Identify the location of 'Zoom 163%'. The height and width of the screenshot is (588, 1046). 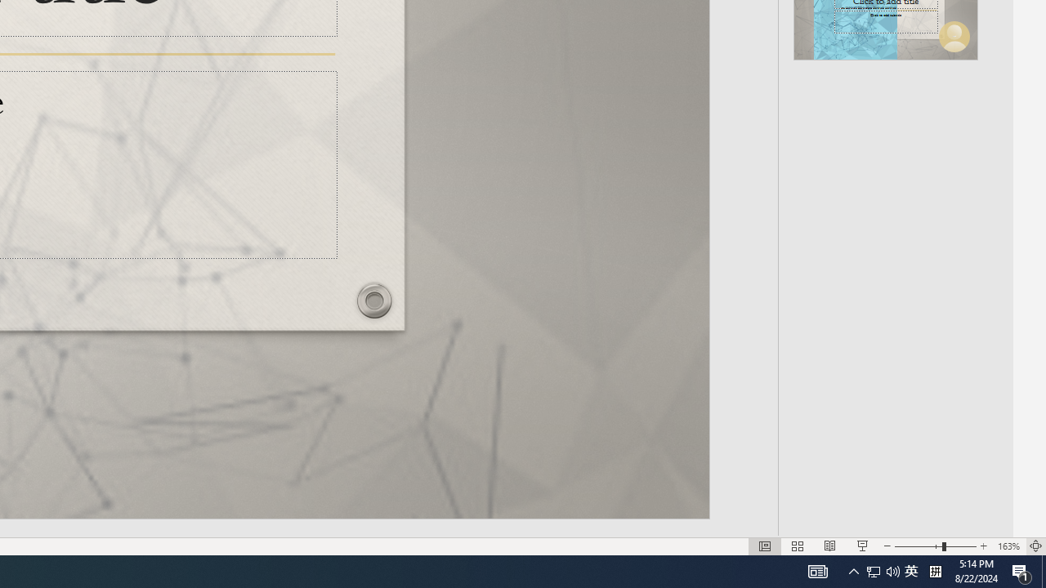
(1008, 546).